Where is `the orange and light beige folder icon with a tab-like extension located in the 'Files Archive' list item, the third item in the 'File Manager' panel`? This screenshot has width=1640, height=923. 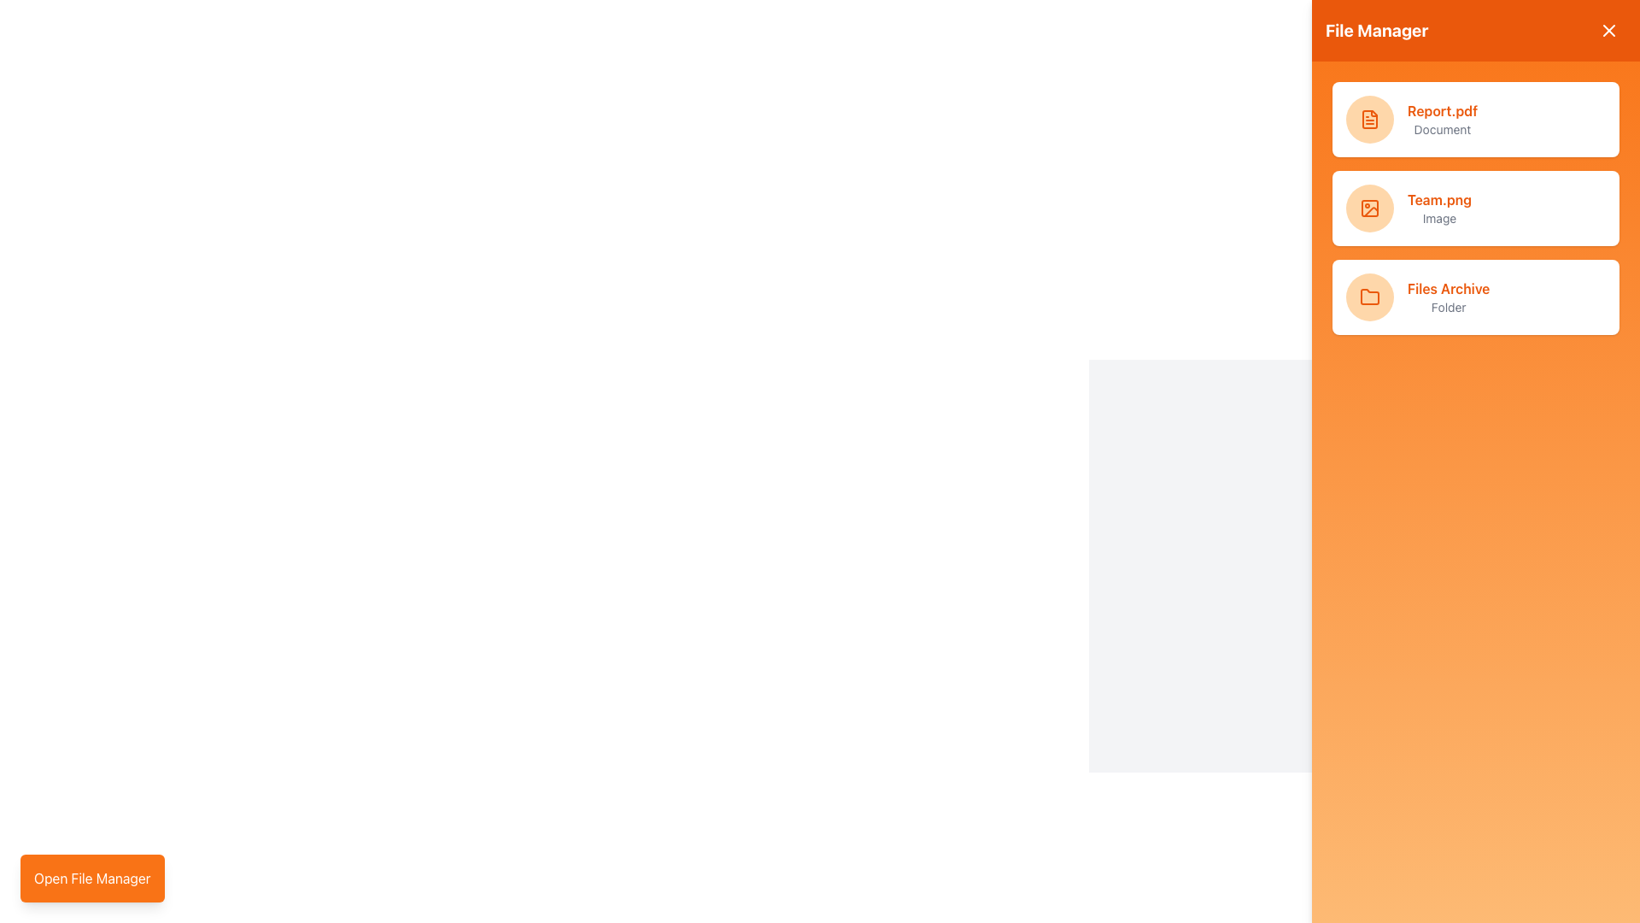
the orange and light beige folder icon with a tab-like extension located in the 'Files Archive' list item, the third item in the 'File Manager' panel is located at coordinates (1369, 296).